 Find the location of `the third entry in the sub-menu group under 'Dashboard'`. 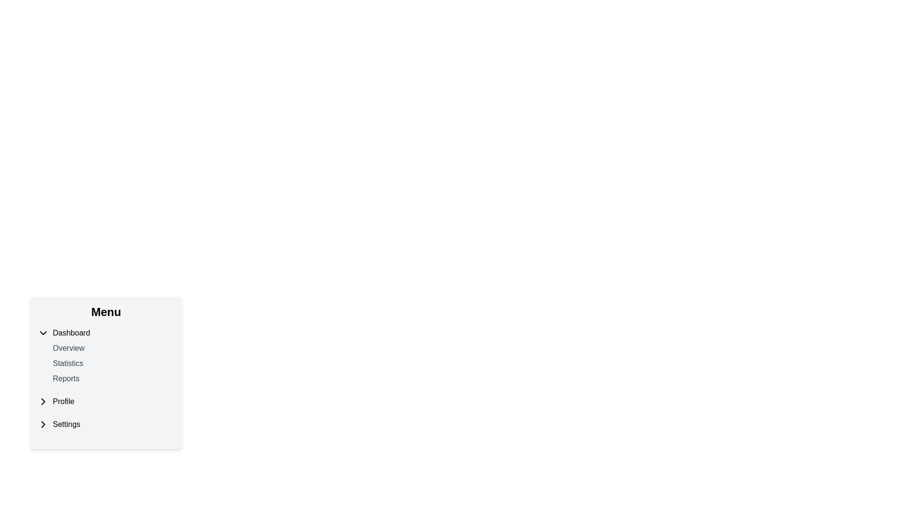

the third entry in the sub-menu group under 'Dashboard' is located at coordinates (112, 378).